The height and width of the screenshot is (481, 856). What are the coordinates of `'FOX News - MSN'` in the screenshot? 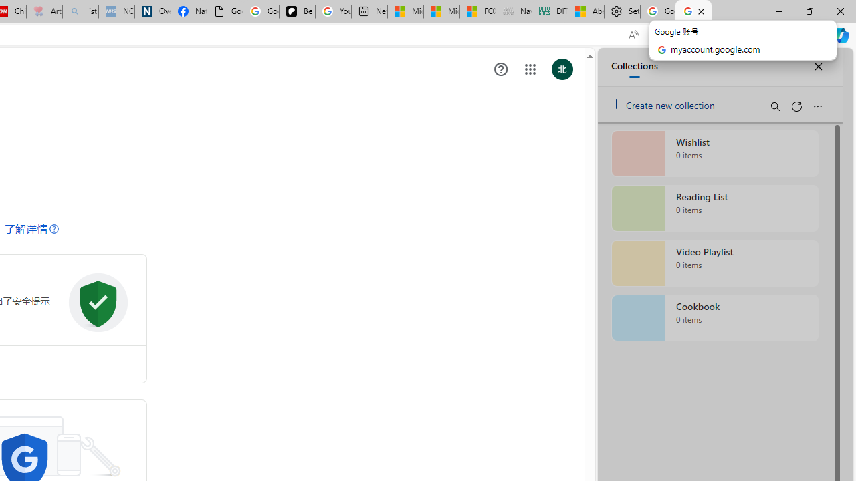 It's located at (477, 11).